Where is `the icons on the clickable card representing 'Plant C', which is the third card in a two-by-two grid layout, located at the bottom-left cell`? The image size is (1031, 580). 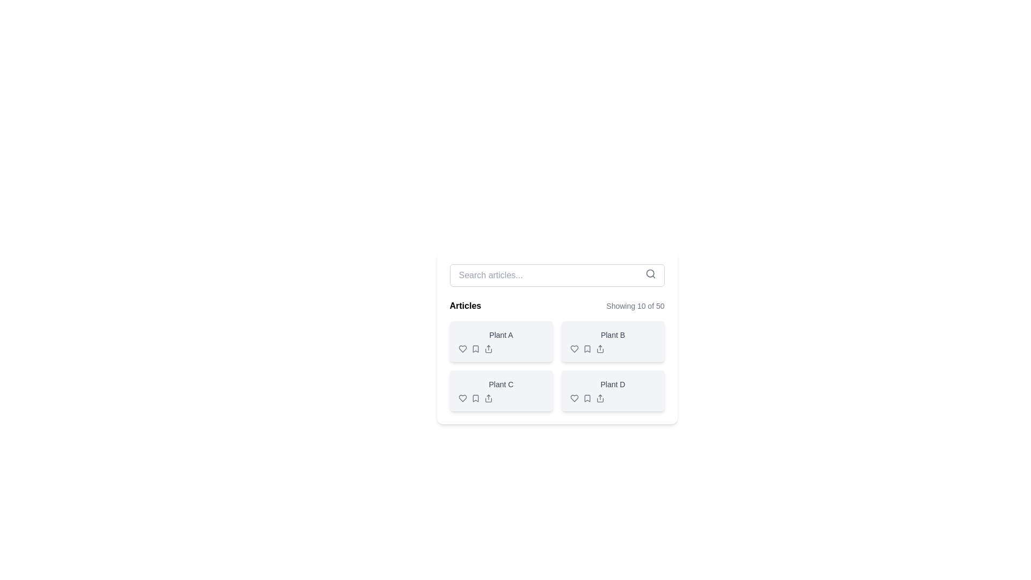
the icons on the clickable card representing 'Plant C', which is the third card in a two-by-two grid layout, located at the bottom-left cell is located at coordinates (500, 391).